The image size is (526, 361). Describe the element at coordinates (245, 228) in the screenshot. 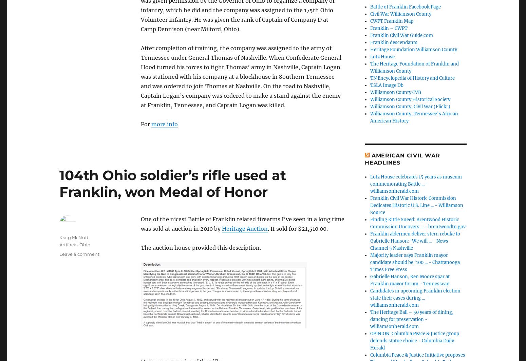

I see `'Heritage Auction'` at that location.